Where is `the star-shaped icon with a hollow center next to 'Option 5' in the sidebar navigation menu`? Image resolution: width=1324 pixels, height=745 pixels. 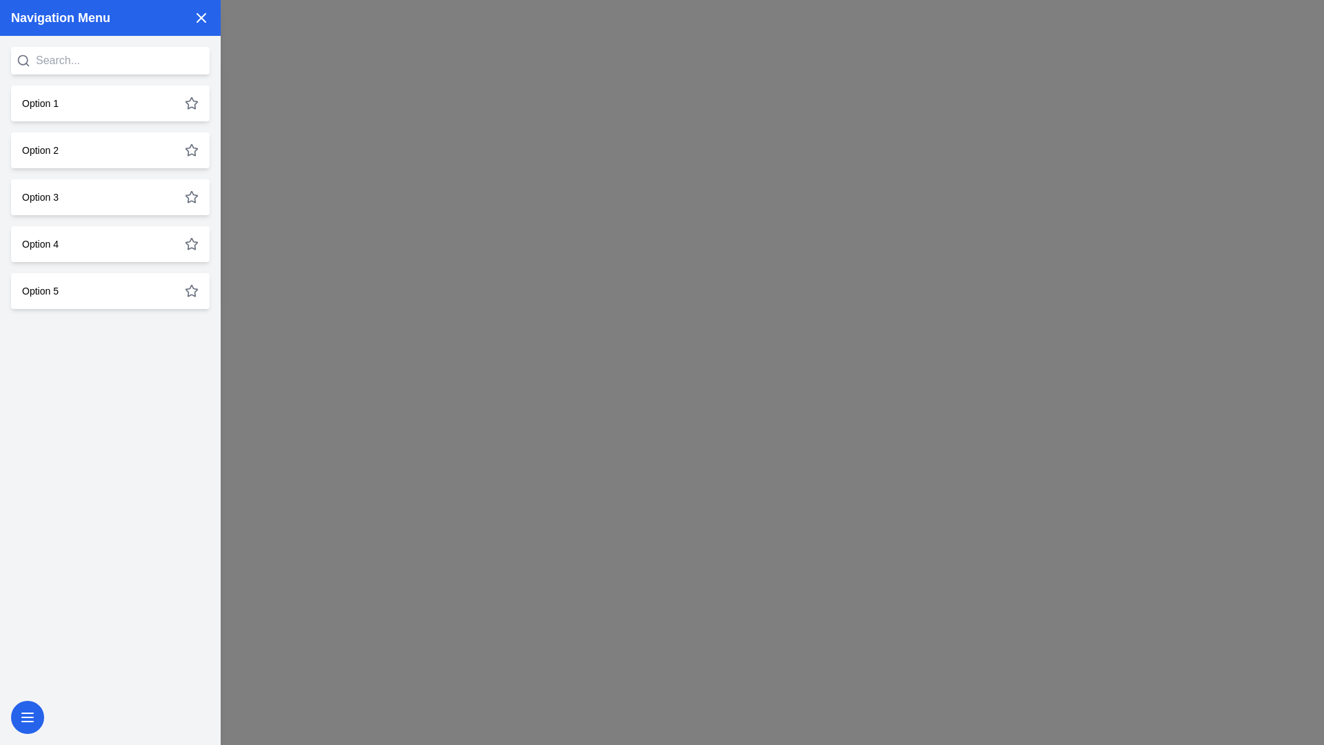
the star-shaped icon with a hollow center next to 'Option 5' in the sidebar navigation menu is located at coordinates (191, 290).